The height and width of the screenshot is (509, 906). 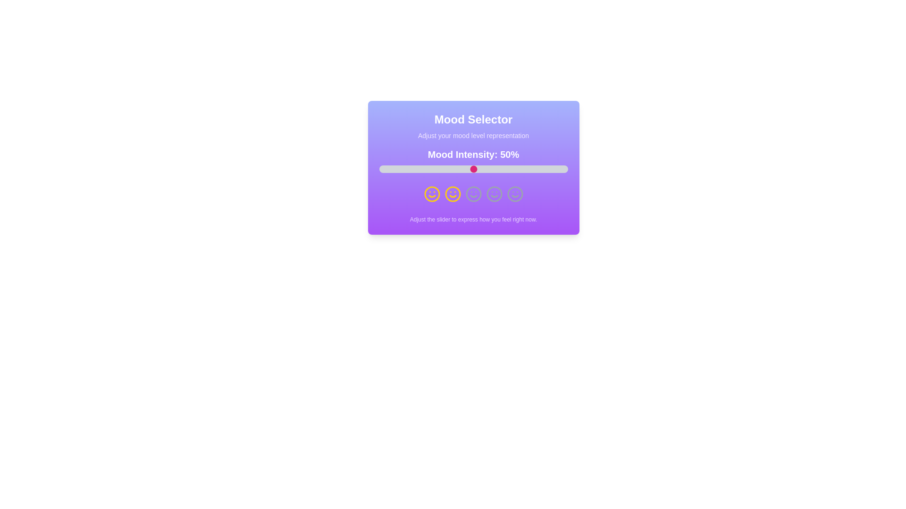 I want to click on the slider to set mood intensity to 18%, so click(x=413, y=168).